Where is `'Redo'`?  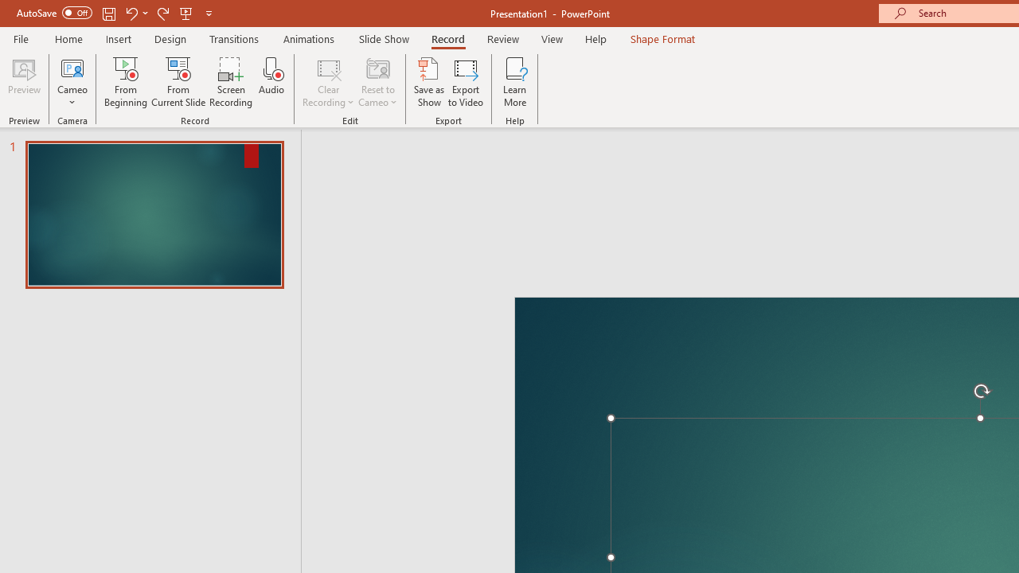
'Redo' is located at coordinates (162, 13).